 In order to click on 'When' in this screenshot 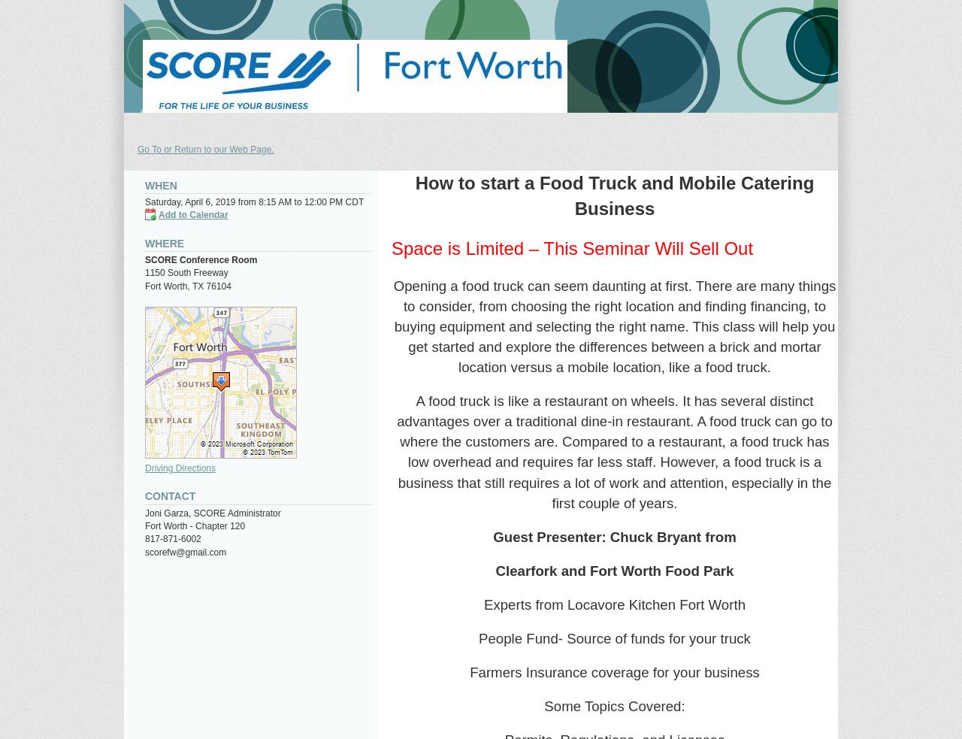, I will do `click(161, 185)`.